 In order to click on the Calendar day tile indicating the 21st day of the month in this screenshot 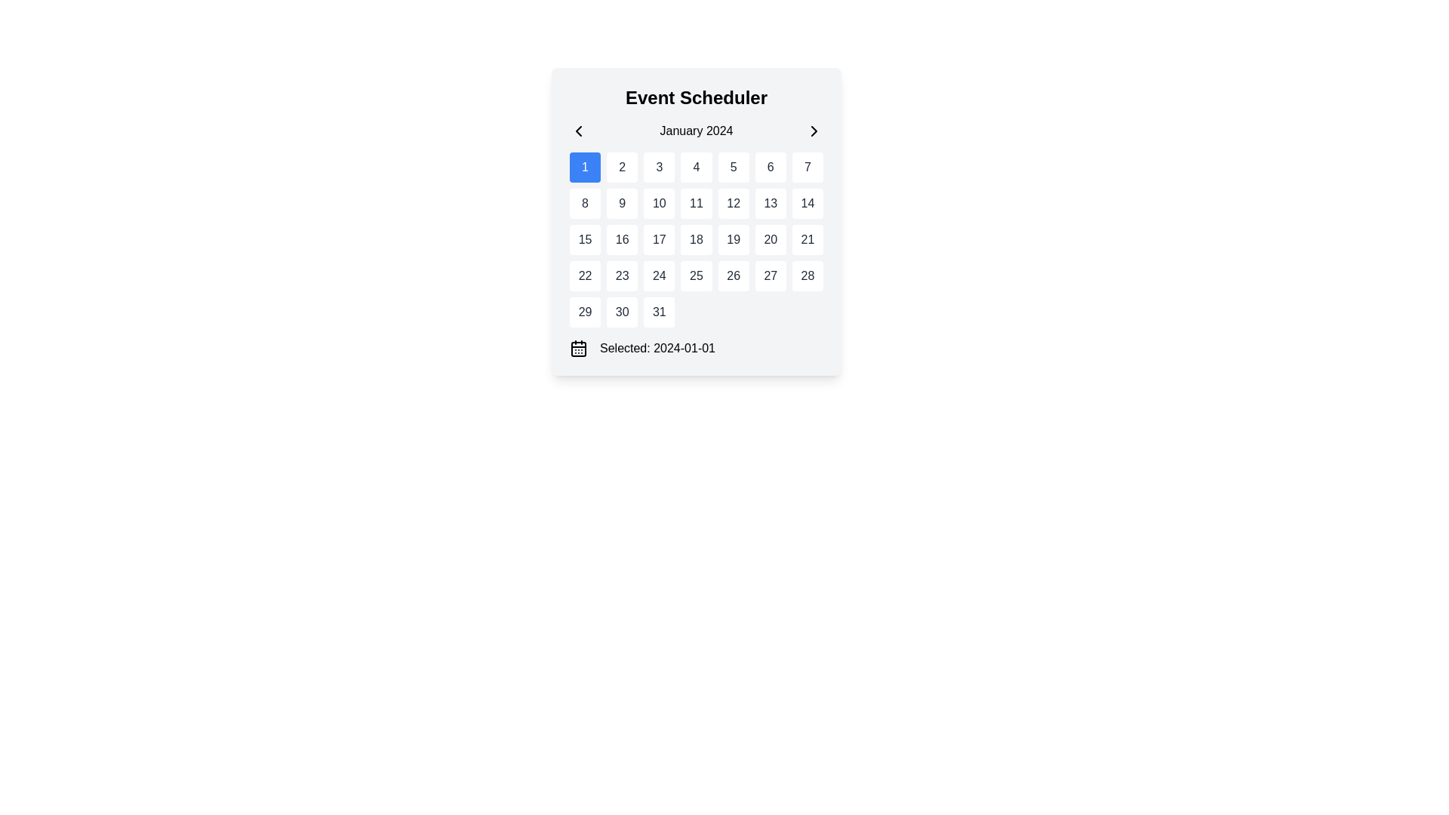, I will do `click(807, 238)`.